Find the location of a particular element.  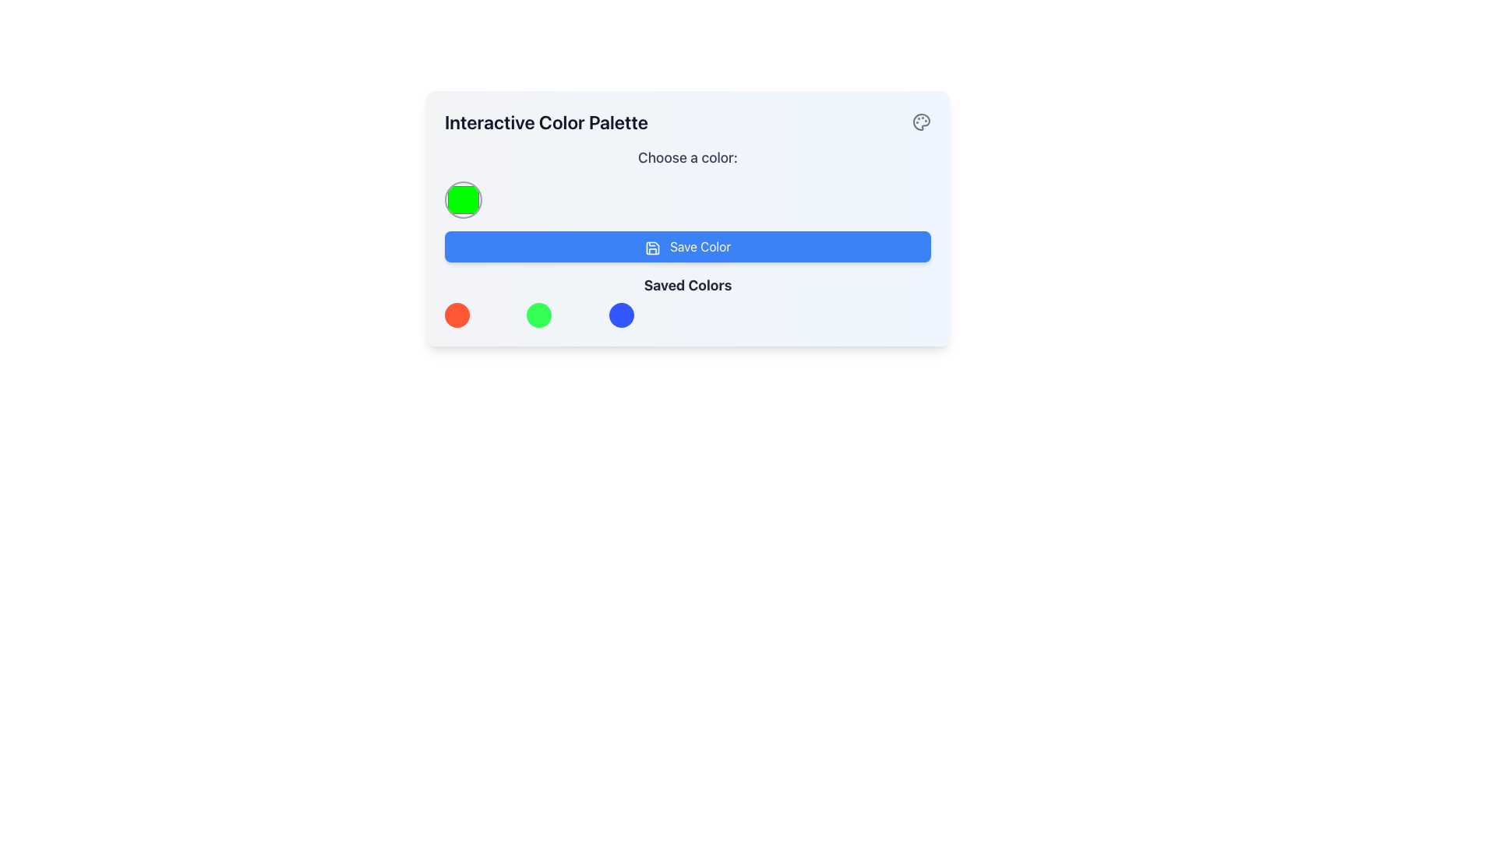

the small blue save icon located to the left of the 'Save Color' text within the button is located at coordinates (652, 247).